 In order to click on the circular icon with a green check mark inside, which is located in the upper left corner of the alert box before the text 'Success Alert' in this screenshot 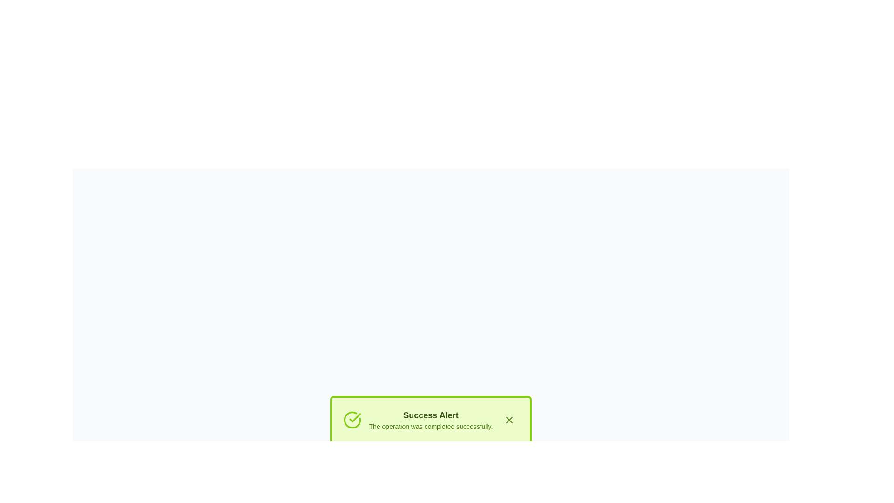, I will do `click(352, 420)`.